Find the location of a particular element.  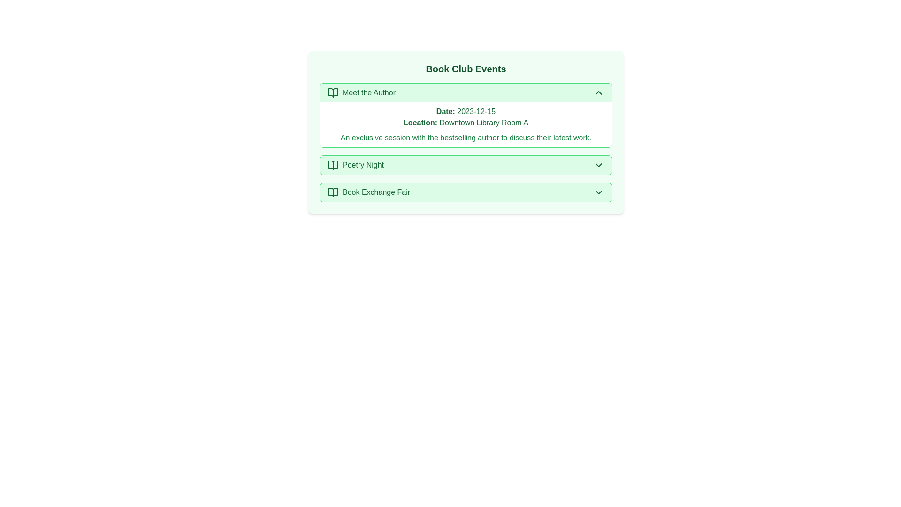

the static text label displaying 'Date:' in bold green font, located adjacent to the date value '2023-12-15' within the 'Meet the Author' event card is located at coordinates (445, 111).